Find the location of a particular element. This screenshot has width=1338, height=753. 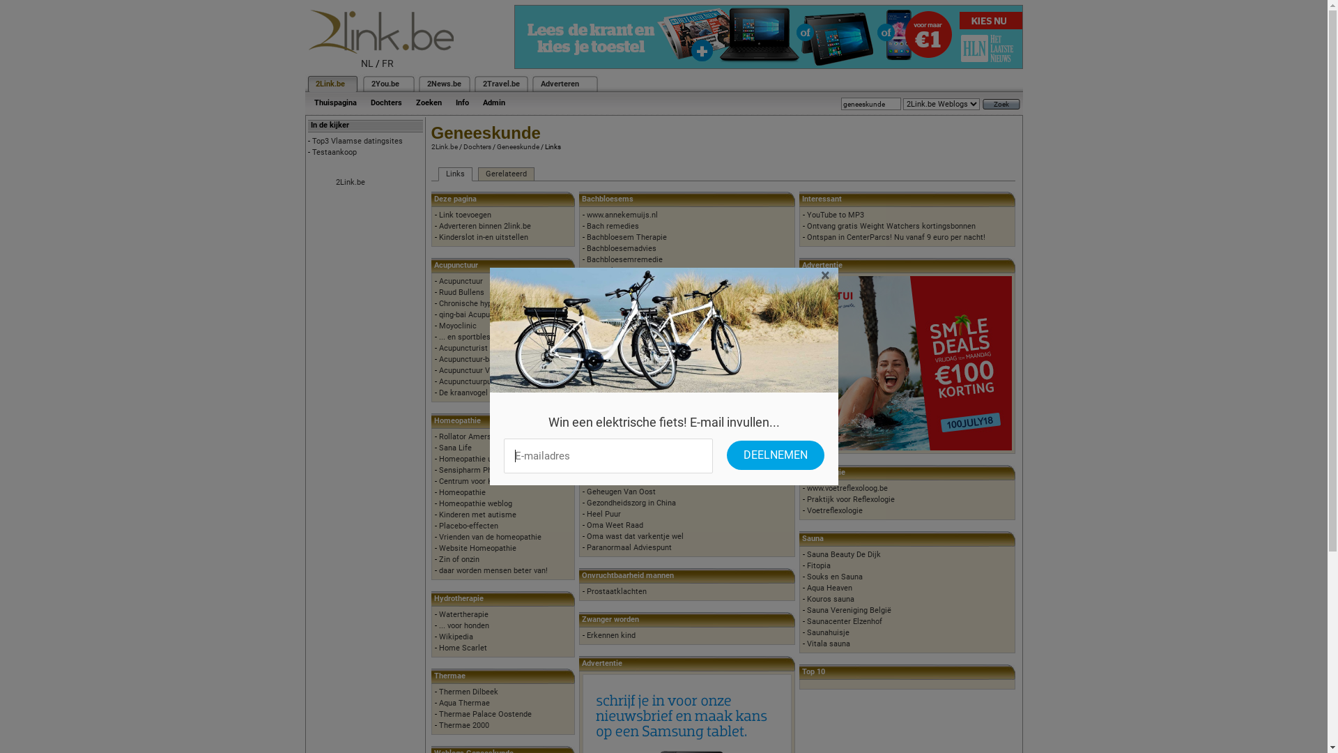

'Thermen Dilbeek' is located at coordinates (468, 692).